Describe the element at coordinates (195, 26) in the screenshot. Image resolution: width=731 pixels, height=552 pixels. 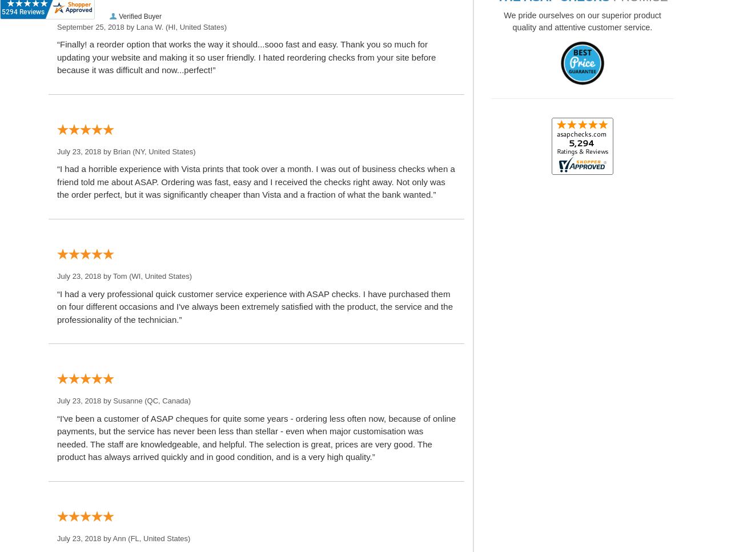
I see `'(HI, United States)'` at that location.